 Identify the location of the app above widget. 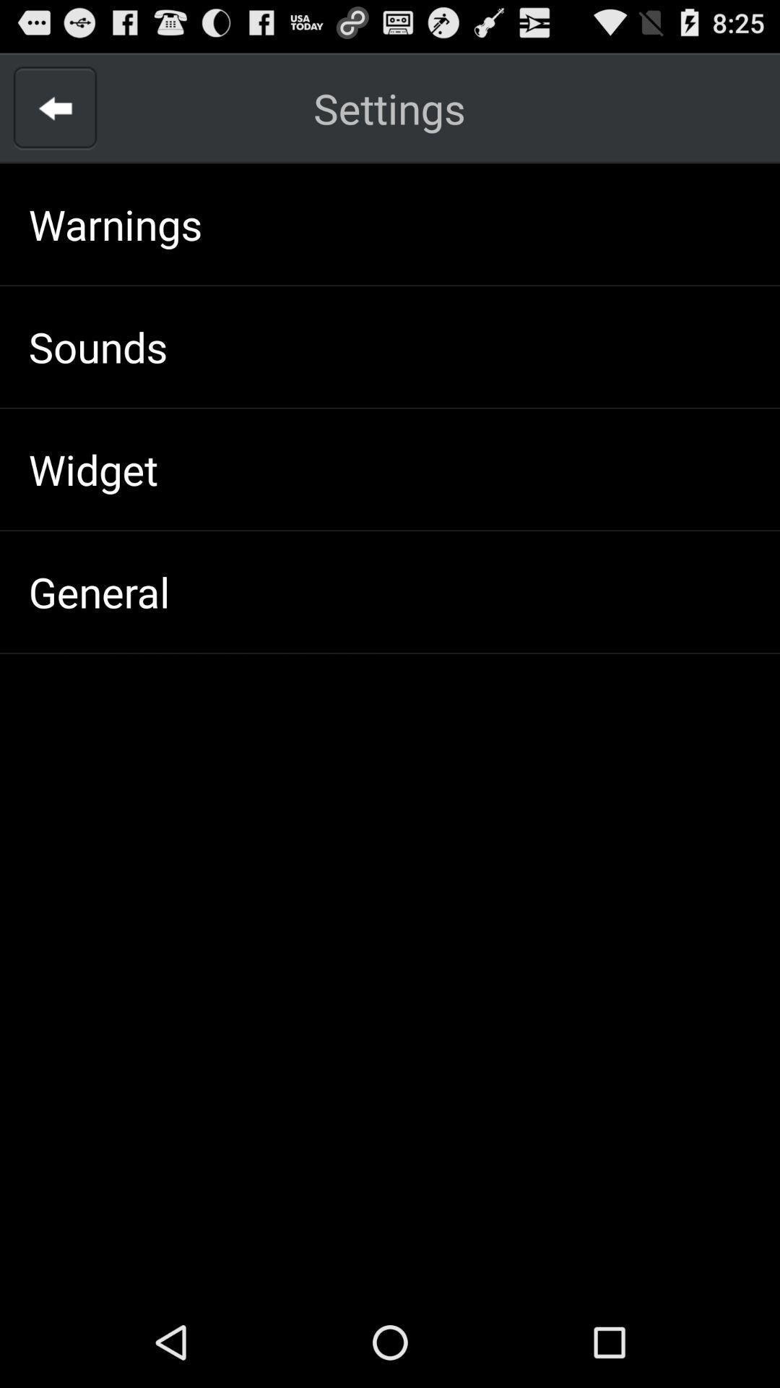
(97, 346).